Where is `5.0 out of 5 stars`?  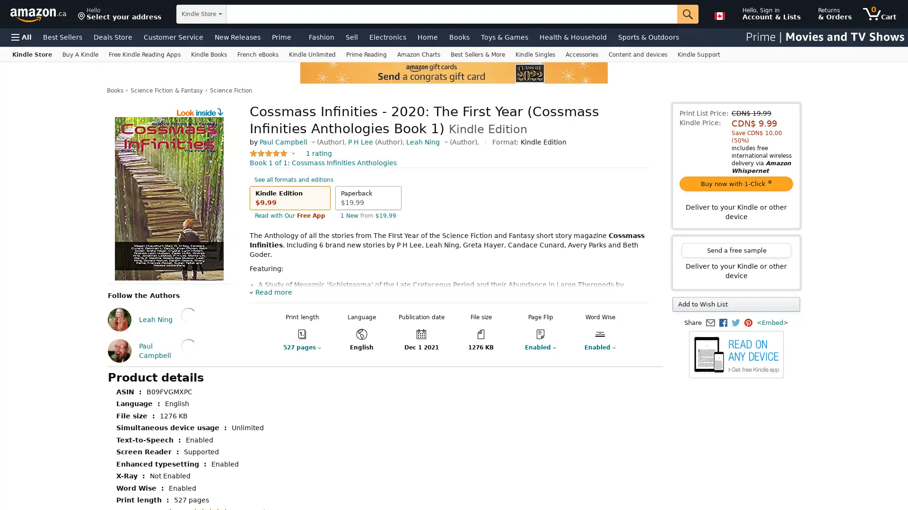
5.0 out of 5 stars is located at coordinates (272, 162).